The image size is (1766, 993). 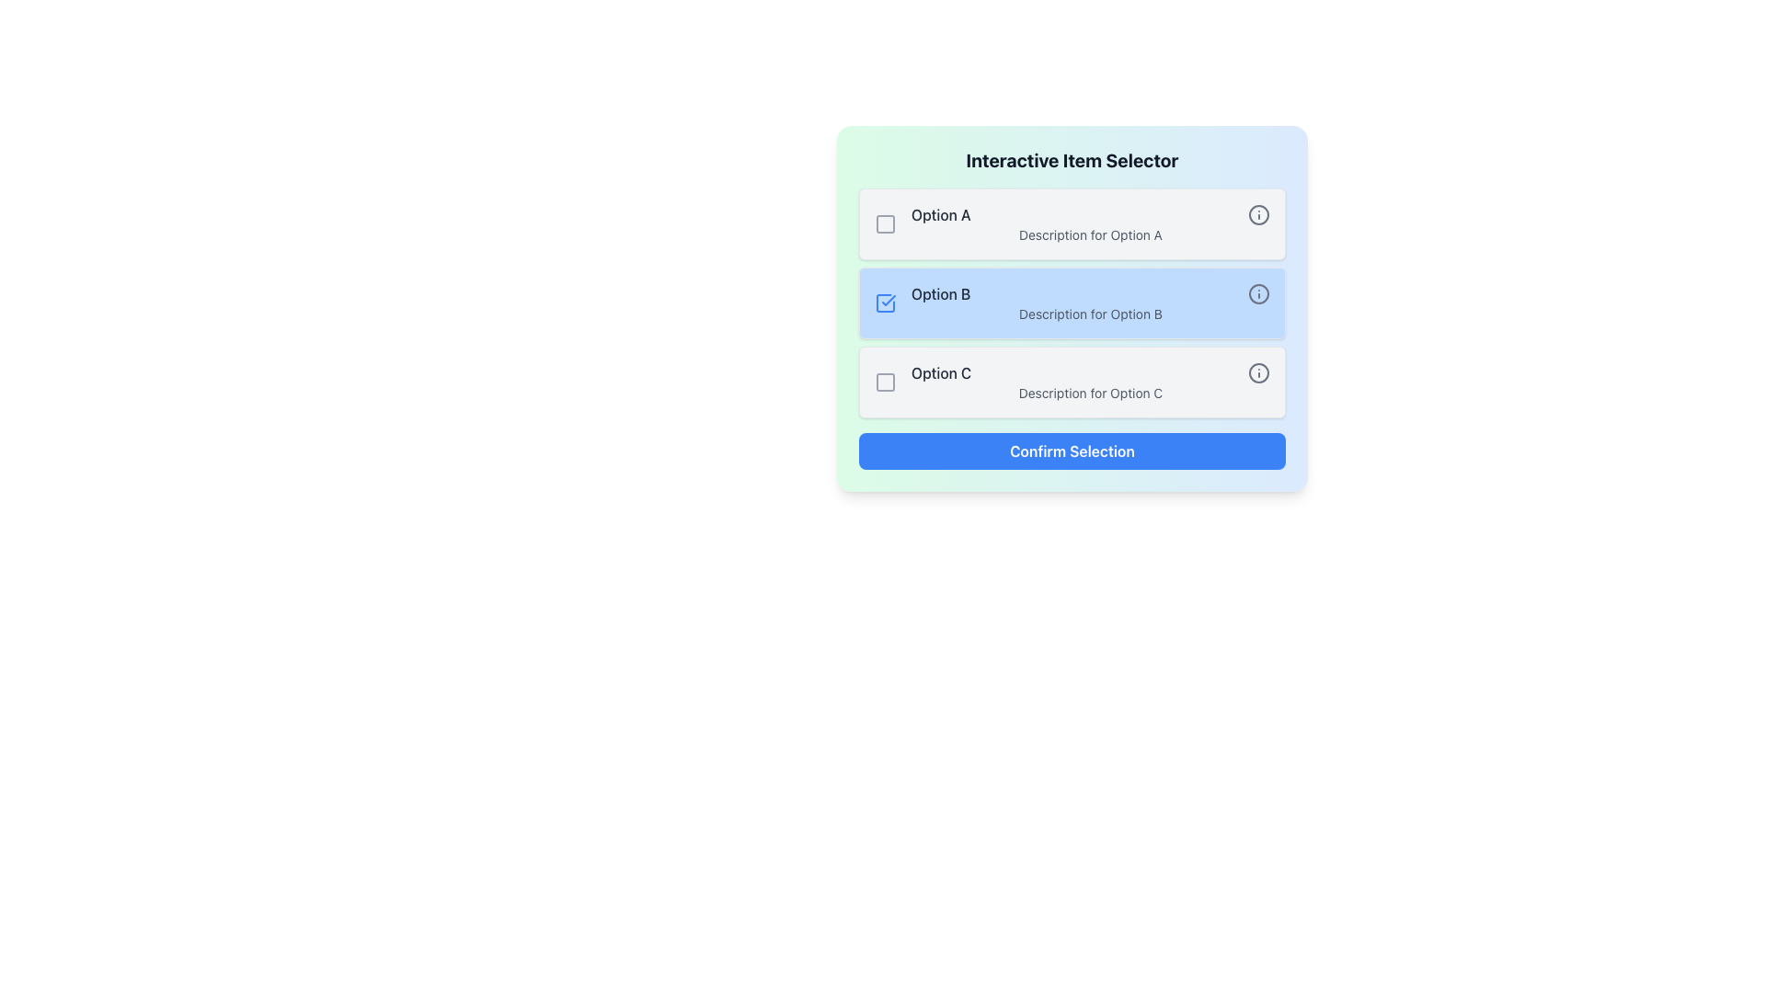 What do you see at coordinates (1090, 382) in the screenshot?
I see `text of the selectable list item labeled 'Option C' in the modal 'Interactive Item Selector', which includes a bolded text and a description below it` at bounding box center [1090, 382].